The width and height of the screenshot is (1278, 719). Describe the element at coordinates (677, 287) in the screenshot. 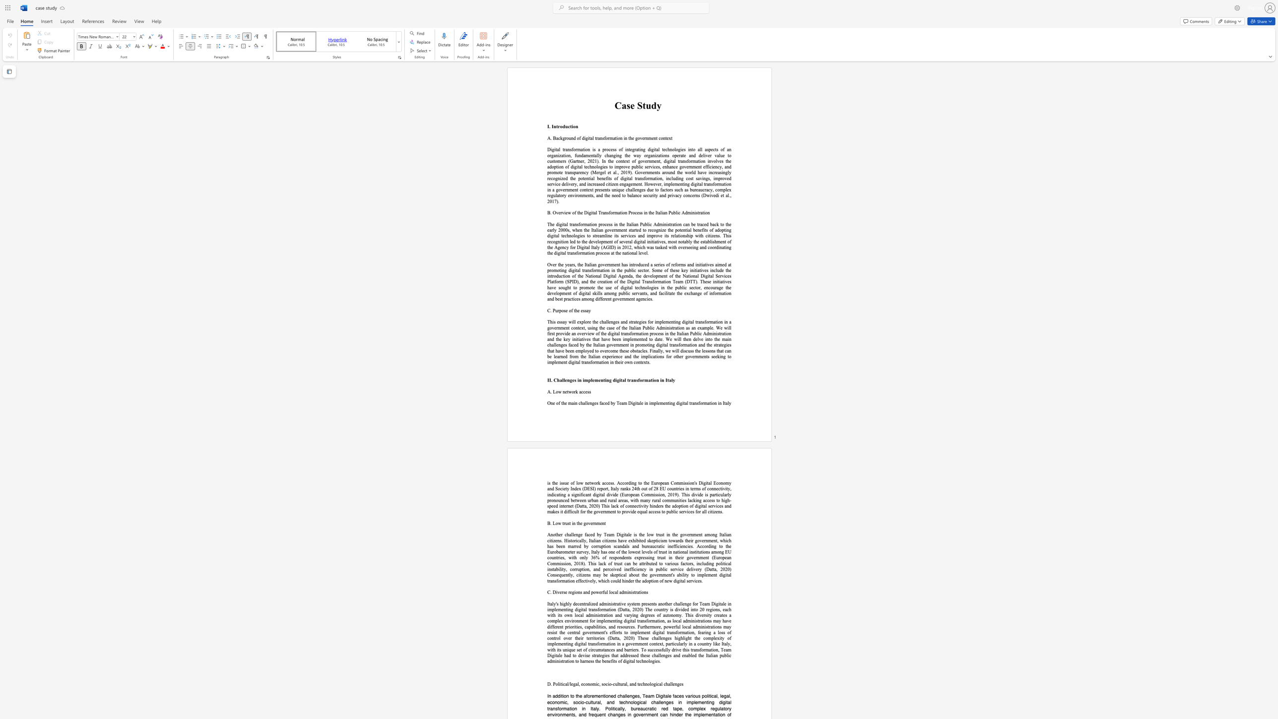

I see `the subset text "ublic sector, encourage the de" within the text "Over the years, the Italian government has introduced a series of reforms and initiatives aimed at promoting digital transformation in the public sector. Some of these key initiatives include the introduction of the National Digital Agenda, the development of the National Digital Services Platform (SPID), and the creation of the Digital Transformation Team (DTT). These initiatives have sought to promote the use of digital technologies in the public sector, encourage the development of digital skills among p"` at that location.